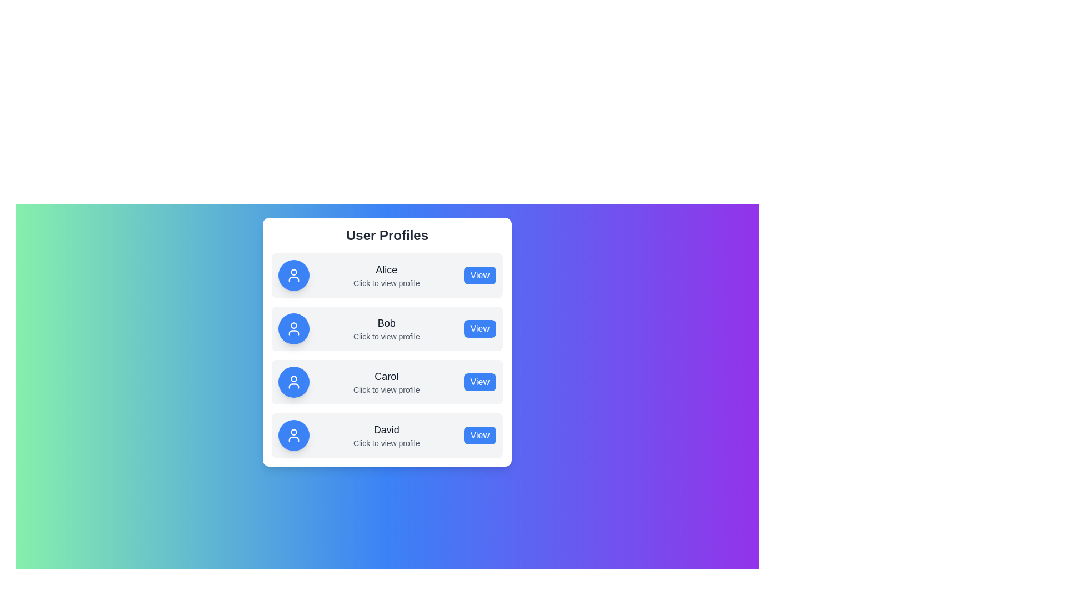 Image resolution: width=1067 pixels, height=600 pixels. What do you see at coordinates (293, 278) in the screenshot?
I see `the torso portion of the silhouette icon that is part of the user profile symbol for 'Alice', which is centrally located within the blue circular area` at bounding box center [293, 278].